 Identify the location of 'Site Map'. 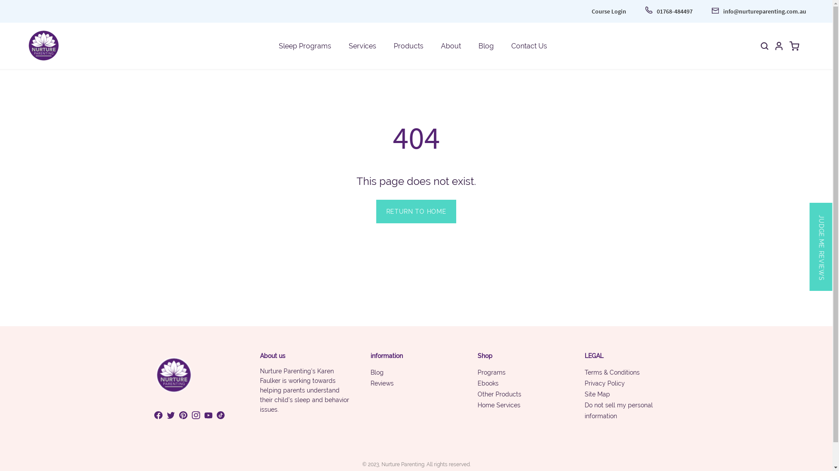
(585, 394).